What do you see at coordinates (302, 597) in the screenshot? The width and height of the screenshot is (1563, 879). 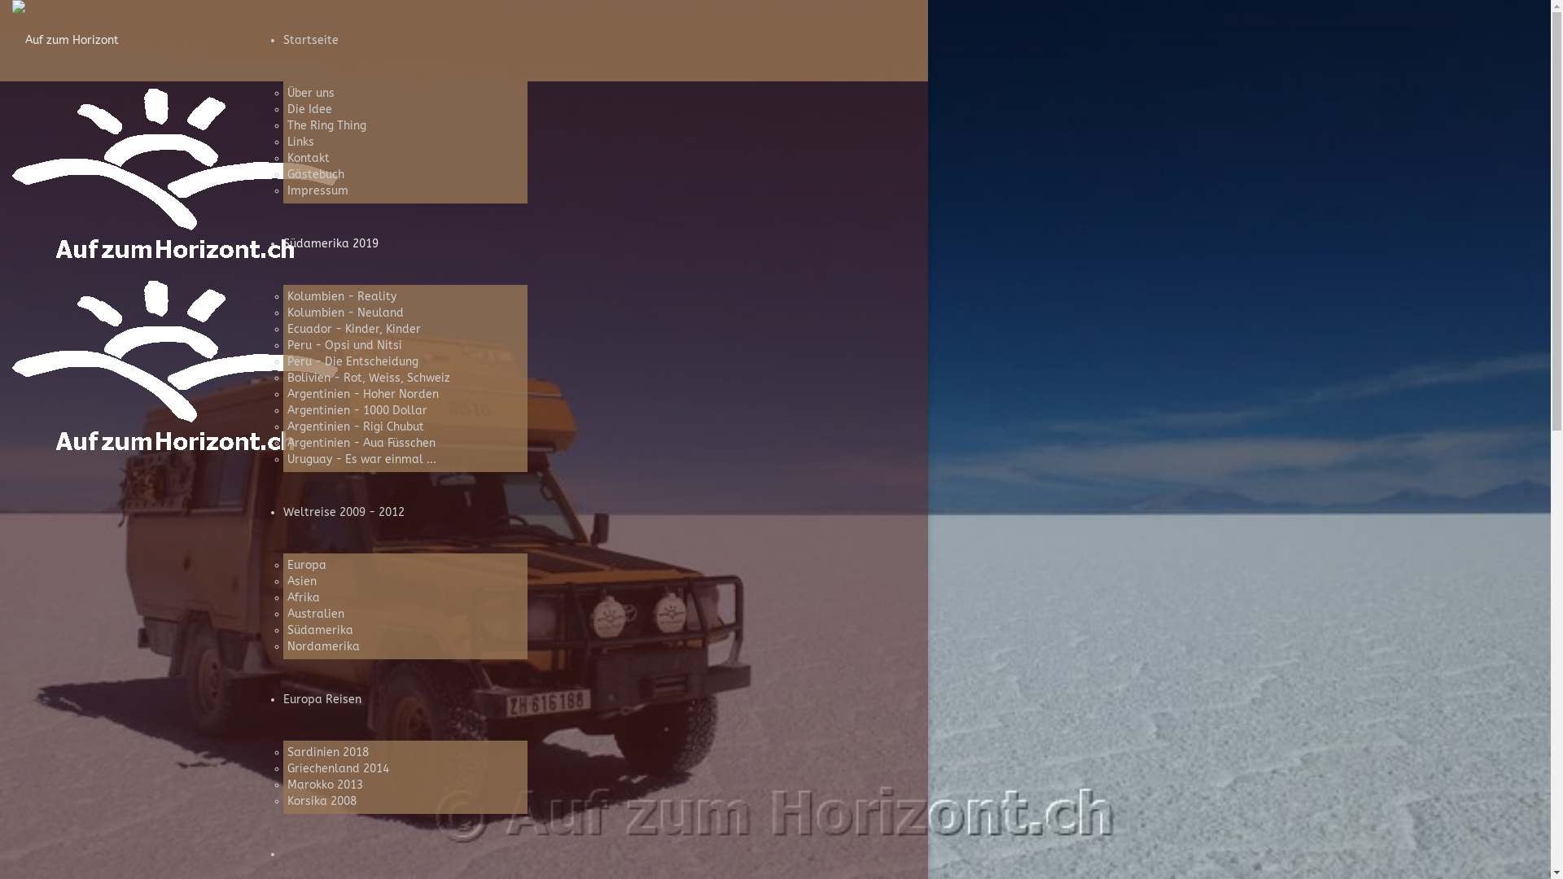 I see `'Afrika'` at bounding box center [302, 597].